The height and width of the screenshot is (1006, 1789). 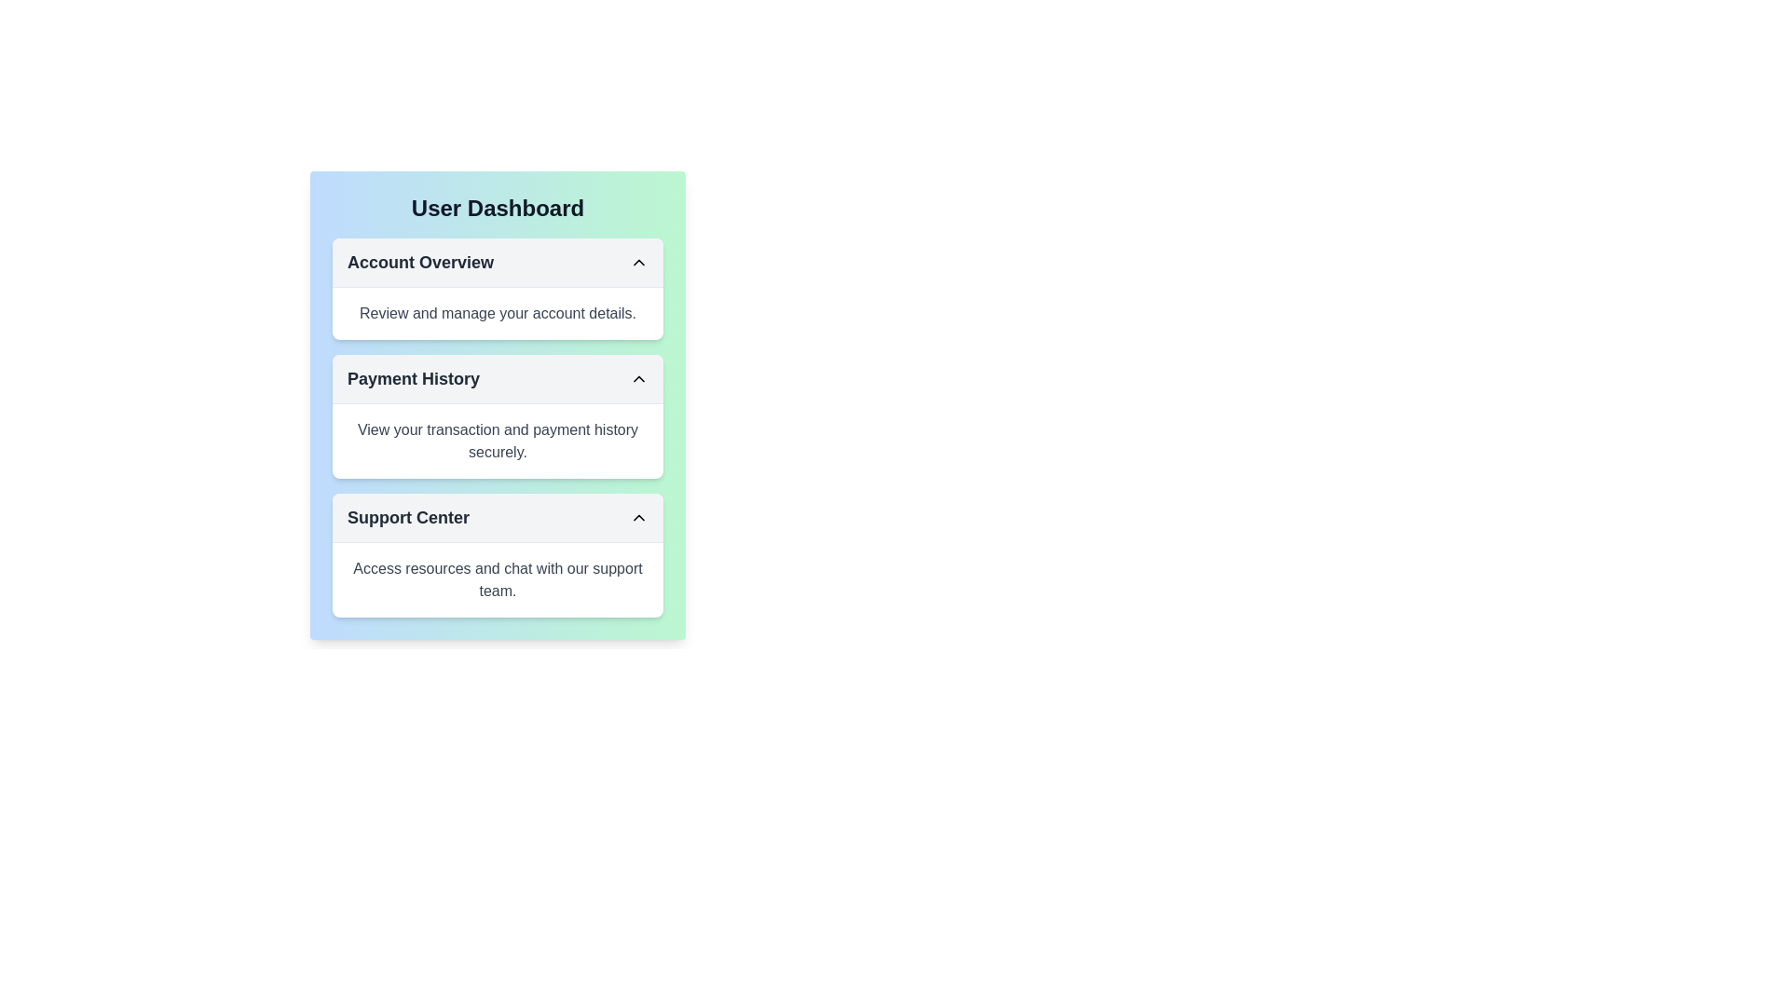 What do you see at coordinates (498, 441) in the screenshot?
I see `the text label that displays 'View your transaction and payment history securely.' located in the 'Payment History' section of the card layout` at bounding box center [498, 441].